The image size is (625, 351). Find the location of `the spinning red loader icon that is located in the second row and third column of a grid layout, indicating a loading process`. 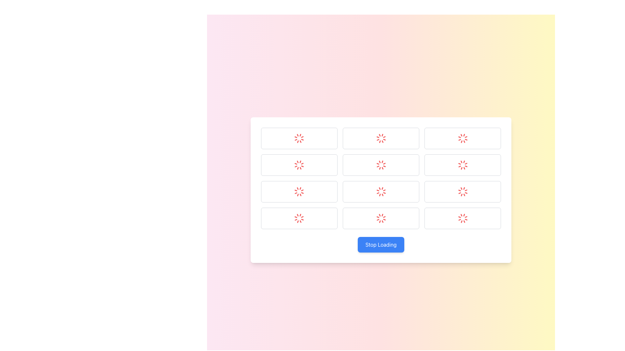

the spinning red loader icon that is located in the second row and third column of a grid layout, indicating a loading process is located at coordinates (462, 165).